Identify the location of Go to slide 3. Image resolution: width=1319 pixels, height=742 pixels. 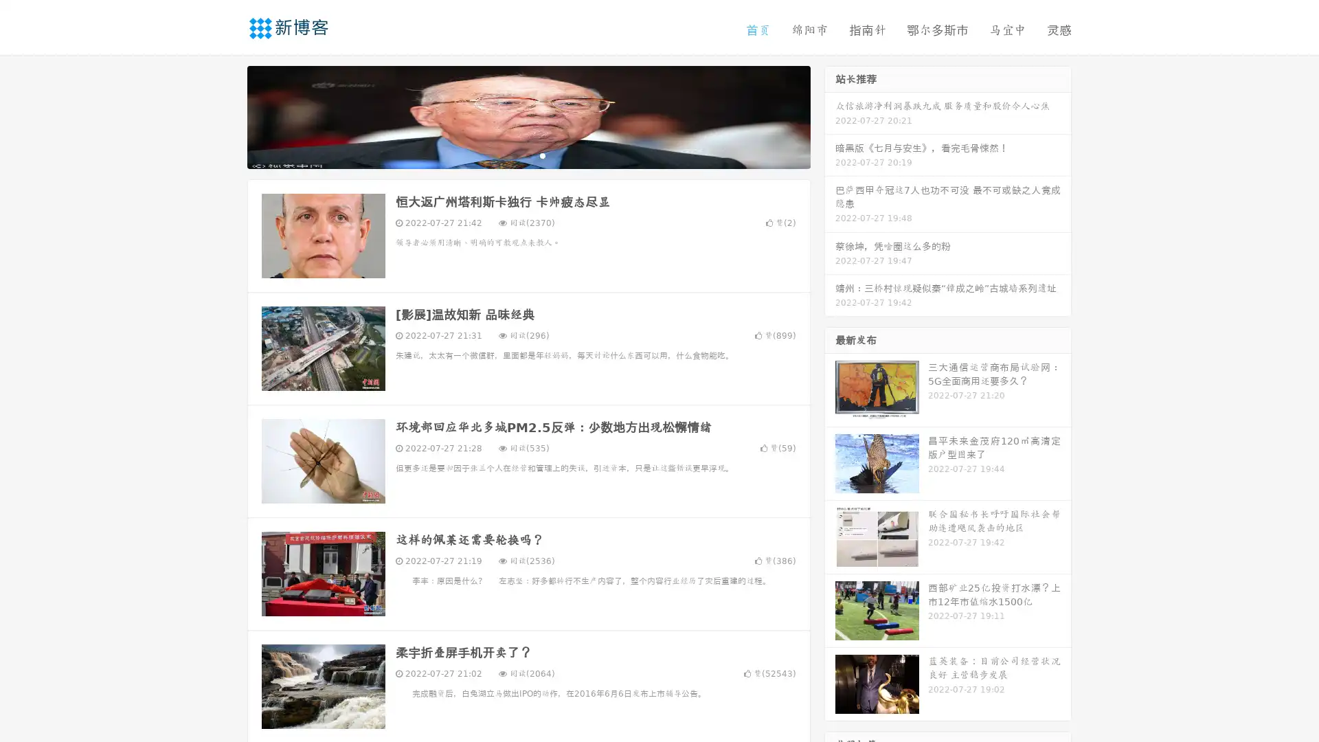
(542, 155).